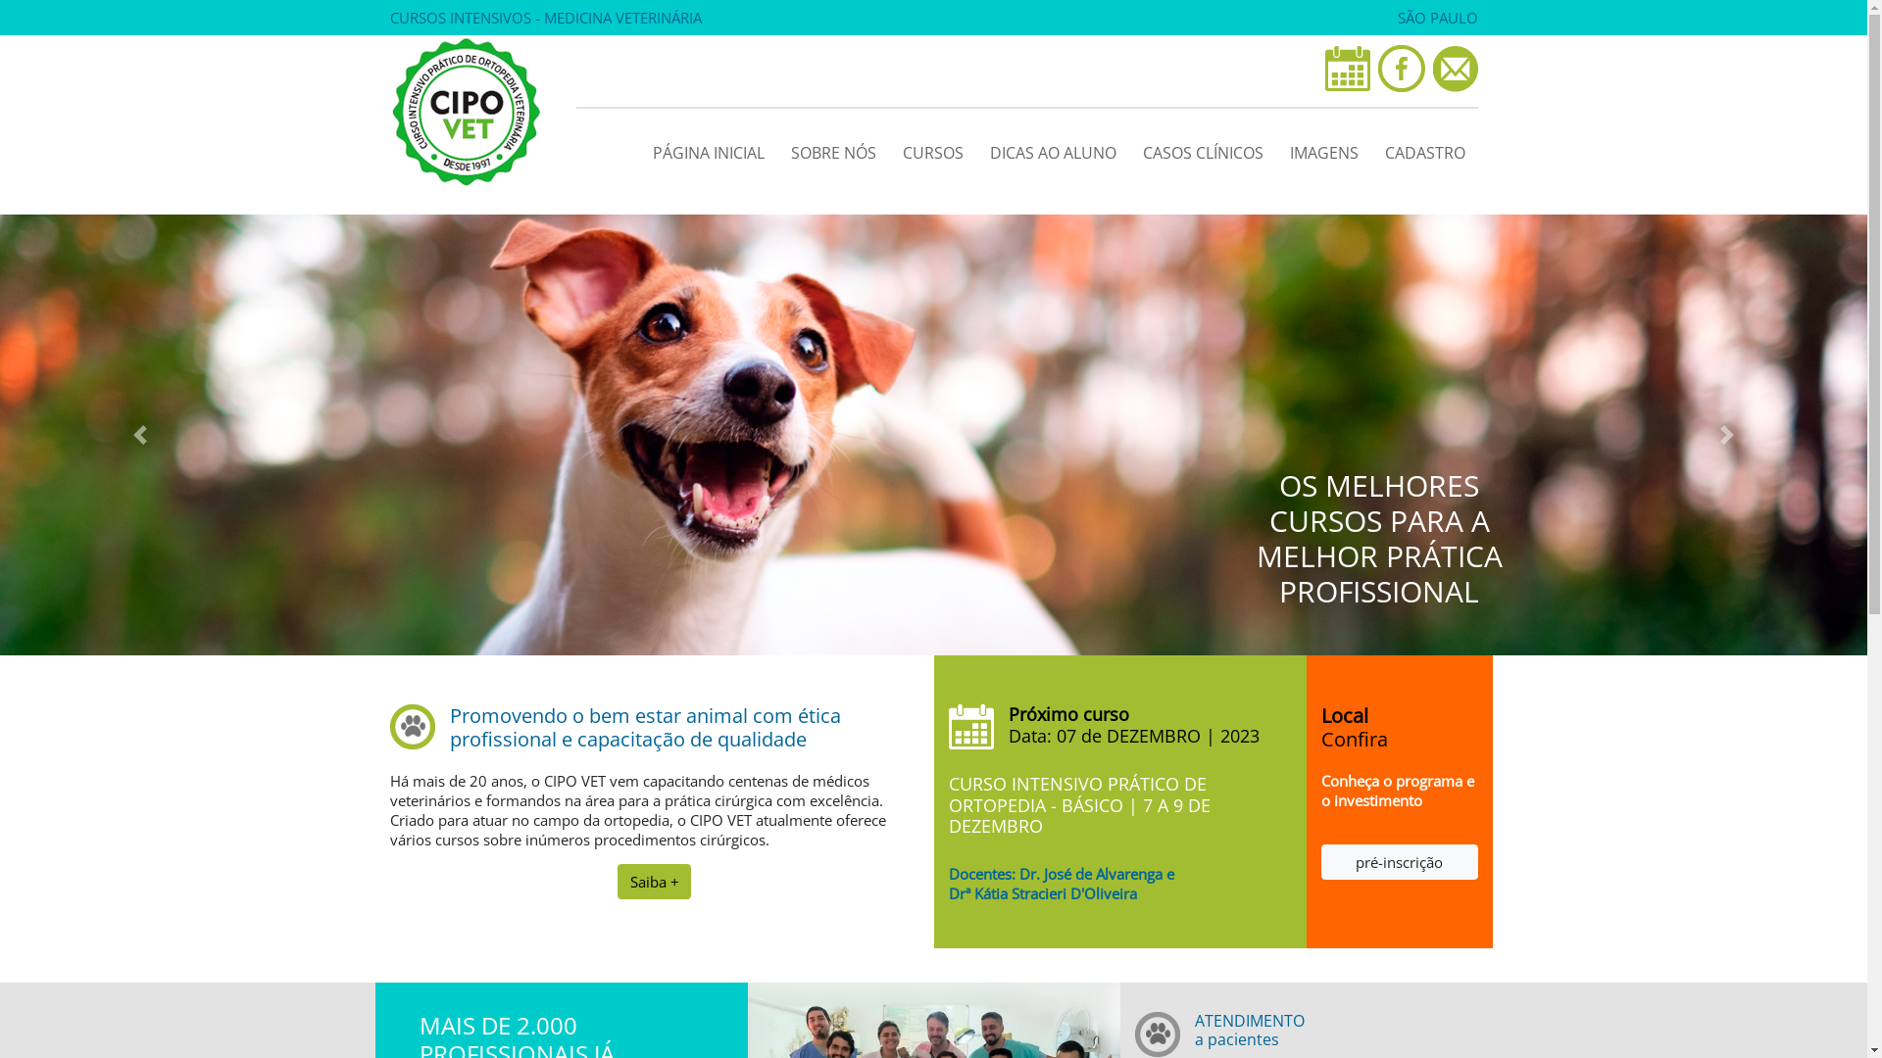  What do you see at coordinates (139, 433) in the screenshot?
I see `'Anterior'` at bounding box center [139, 433].